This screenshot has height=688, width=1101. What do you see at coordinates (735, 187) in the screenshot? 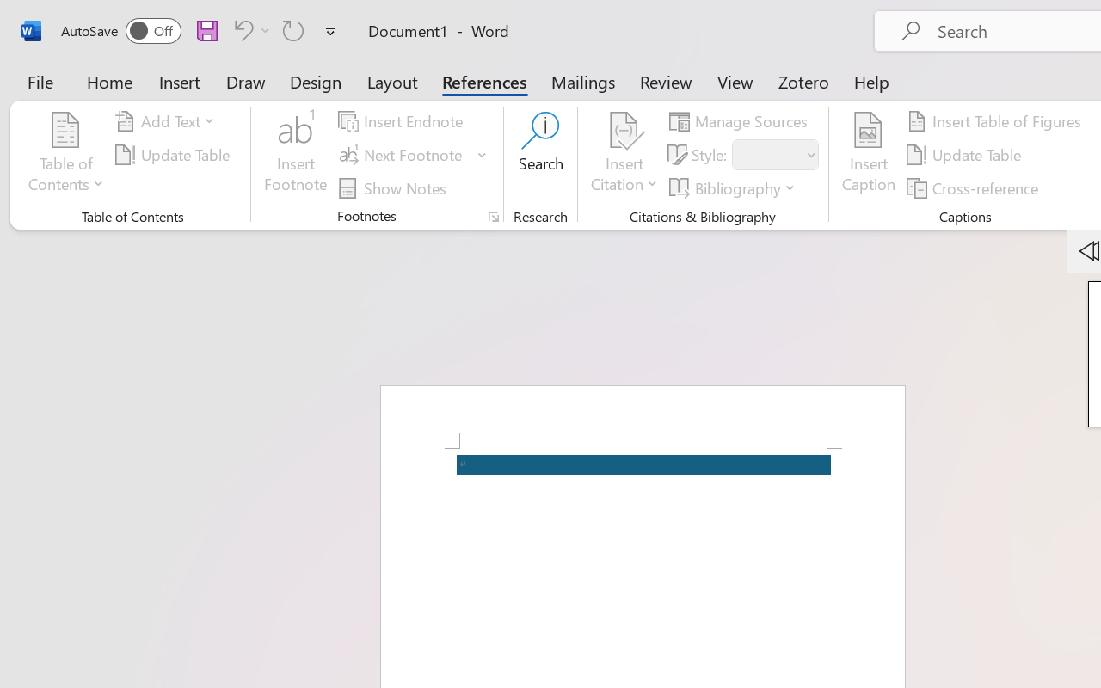
I see `'Bibliography'` at bounding box center [735, 187].